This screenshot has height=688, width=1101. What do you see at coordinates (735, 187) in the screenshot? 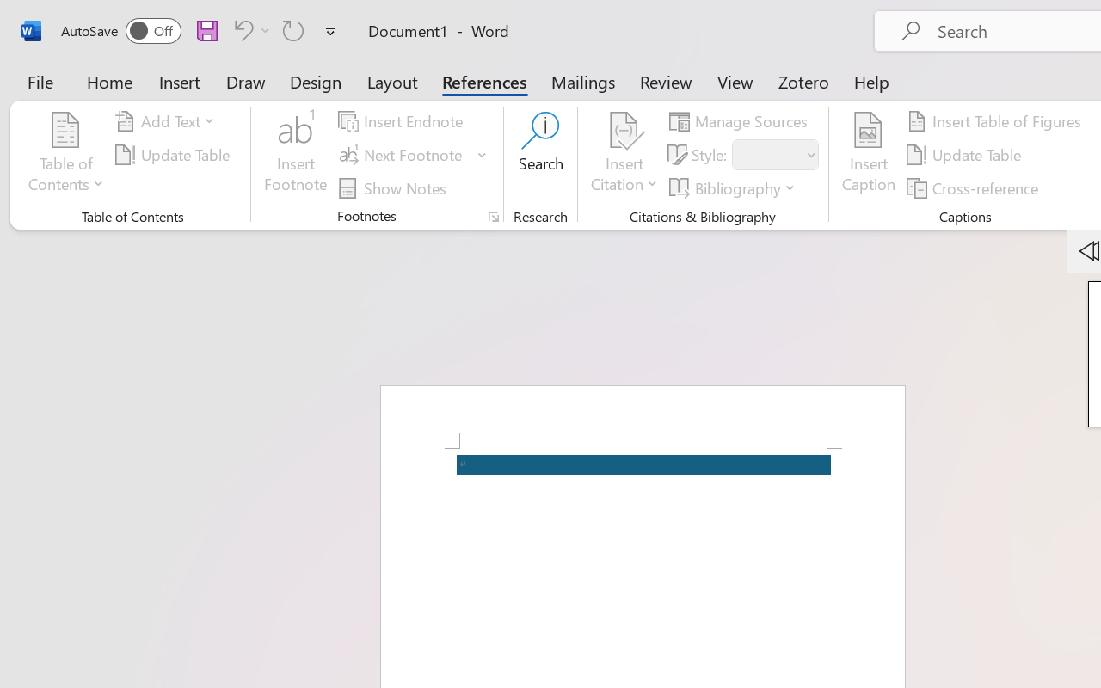
I see `'Bibliography'` at bounding box center [735, 187].